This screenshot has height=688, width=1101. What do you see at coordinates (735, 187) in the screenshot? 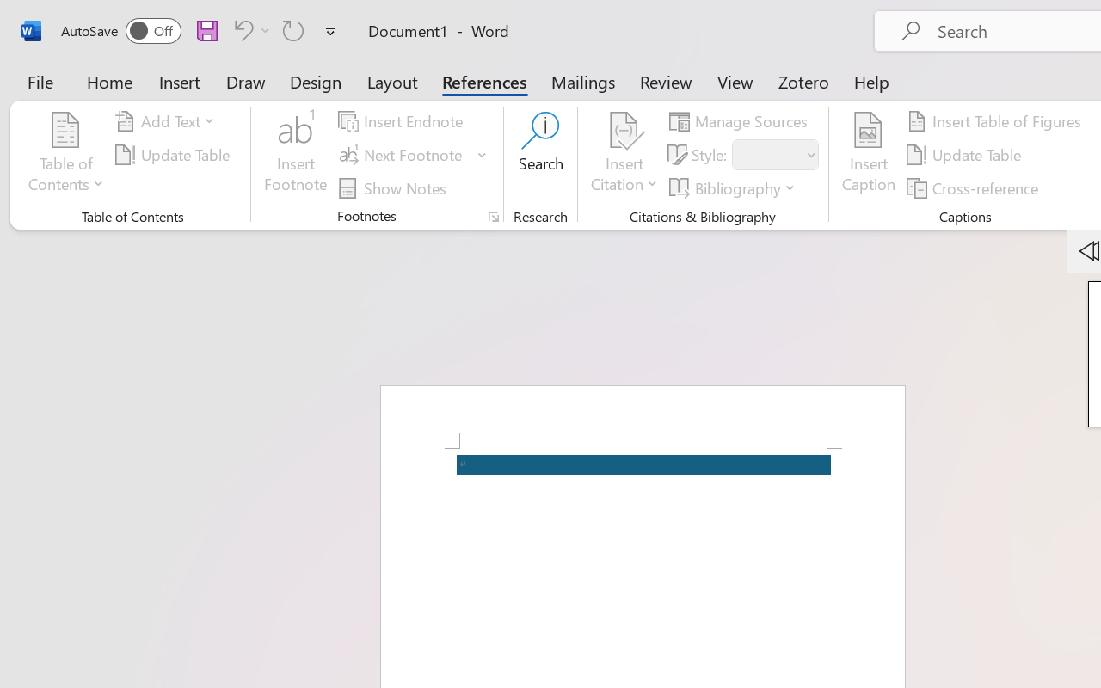
I see `'Bibliography'` at bounding box center [735, 187].